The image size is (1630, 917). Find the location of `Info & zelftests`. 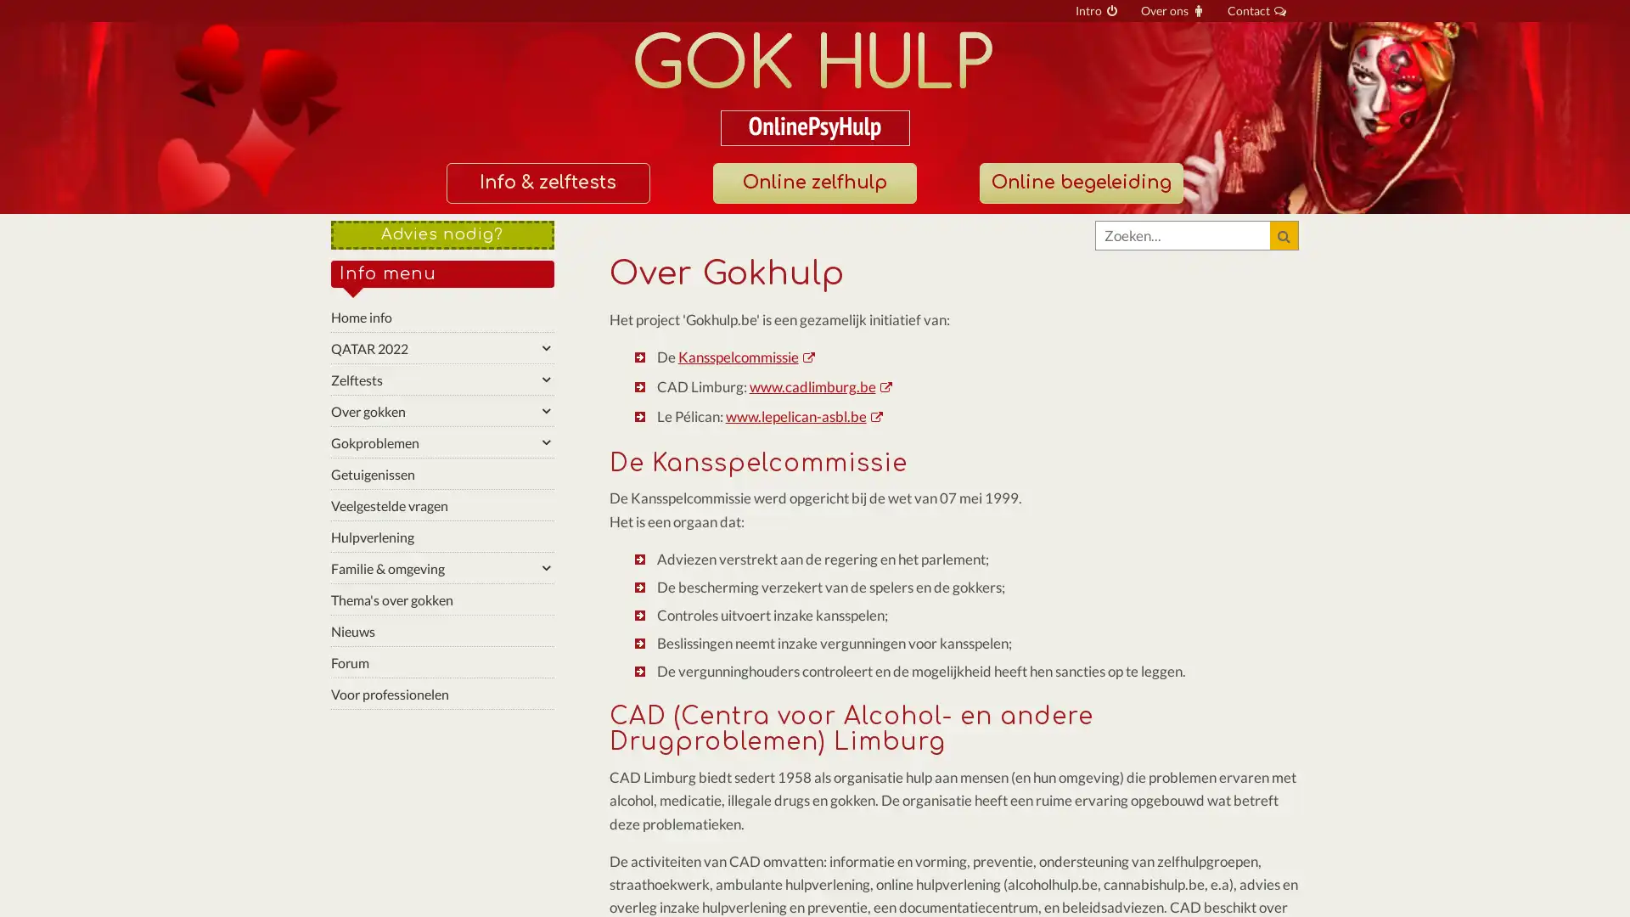

Info & zelftests is located at coordinates (547, 183).